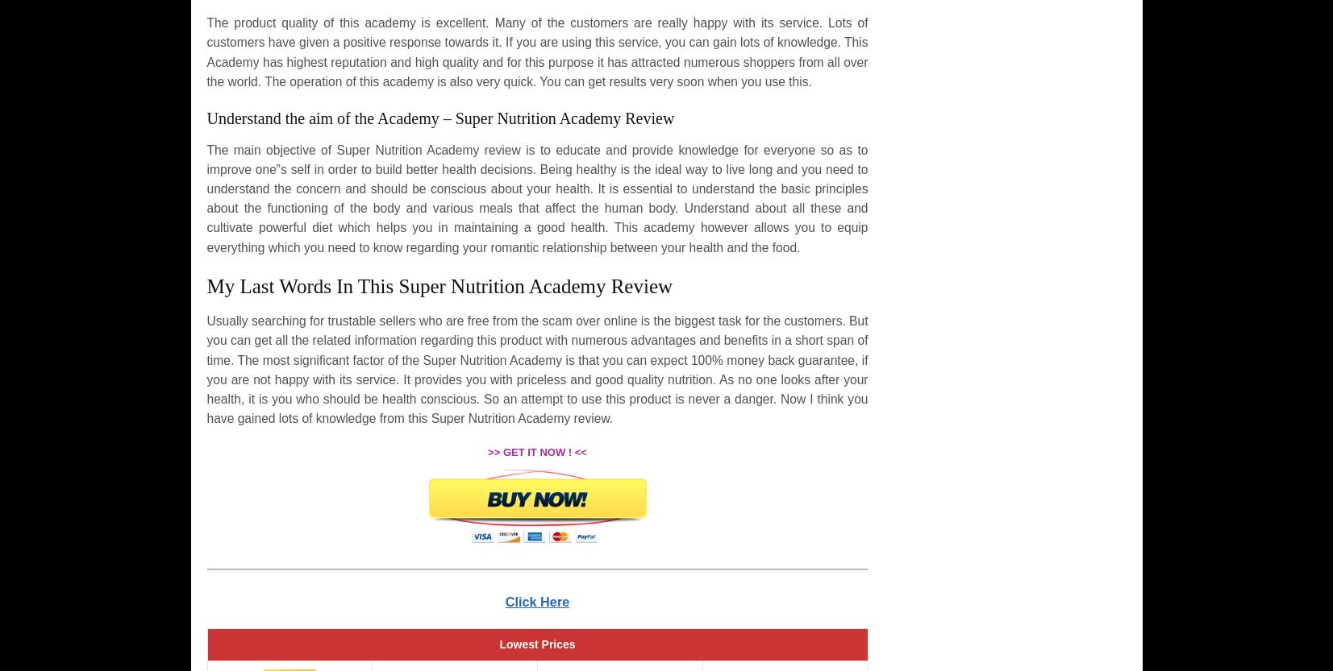 The height and width of the screenshot is (671, 1333). Describe the element at coordinates (439, 118) in the screenshot. I see `'Understand the aim of the Academy – Super Nutrition Academy Review'` at that location.